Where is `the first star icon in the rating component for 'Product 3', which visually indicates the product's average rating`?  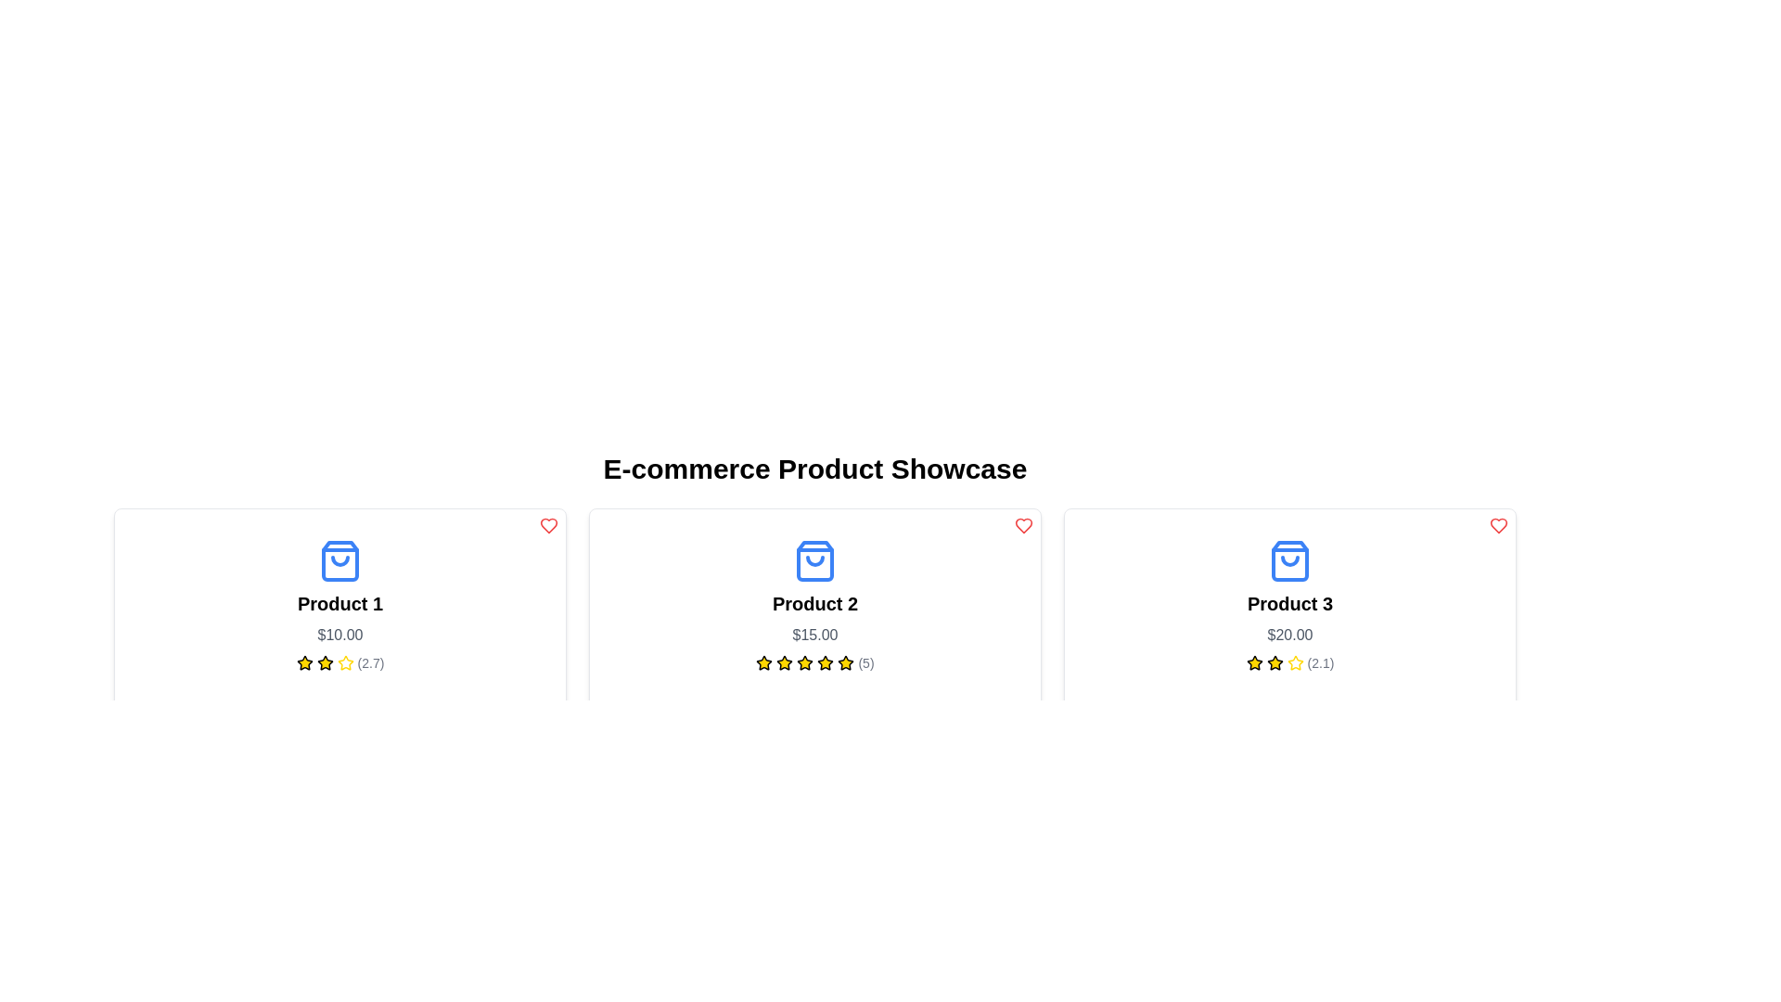 the first star icon in the rating component for 'Product 3', which visually indicates the product's average rating is located at coordinates (1254, 662).